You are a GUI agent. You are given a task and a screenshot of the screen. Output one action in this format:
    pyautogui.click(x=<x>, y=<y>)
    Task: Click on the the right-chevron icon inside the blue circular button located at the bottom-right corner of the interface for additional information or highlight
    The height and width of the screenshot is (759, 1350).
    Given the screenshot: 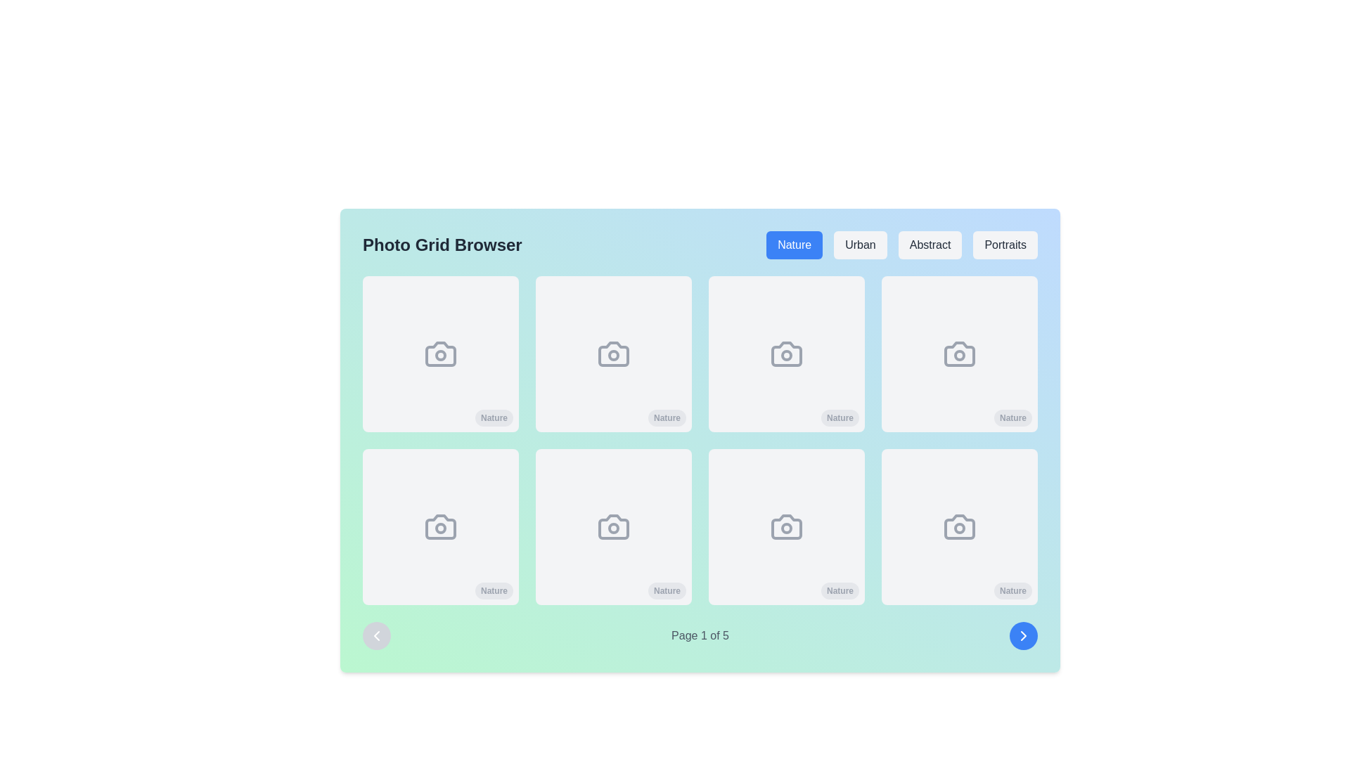 What is the action you would take?
    pyautogui.click(x=1023, y=636)
    